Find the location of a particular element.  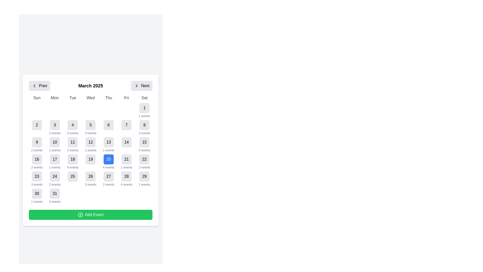

the date cell labeled '5' in the calendar is located at coordinates (91, 127).